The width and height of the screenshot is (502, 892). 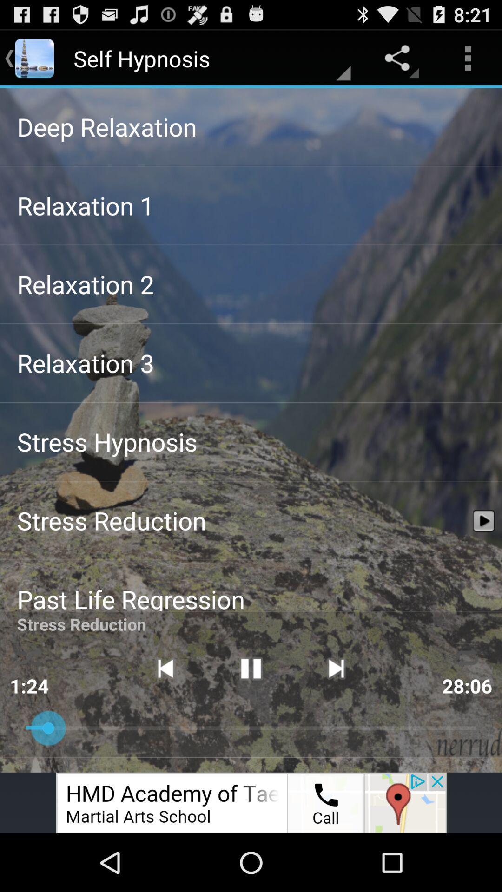 What do you see at coordinates (336, 715) in the screenshot?
I see `the skip_next icon` at bounding box center [336, 715].